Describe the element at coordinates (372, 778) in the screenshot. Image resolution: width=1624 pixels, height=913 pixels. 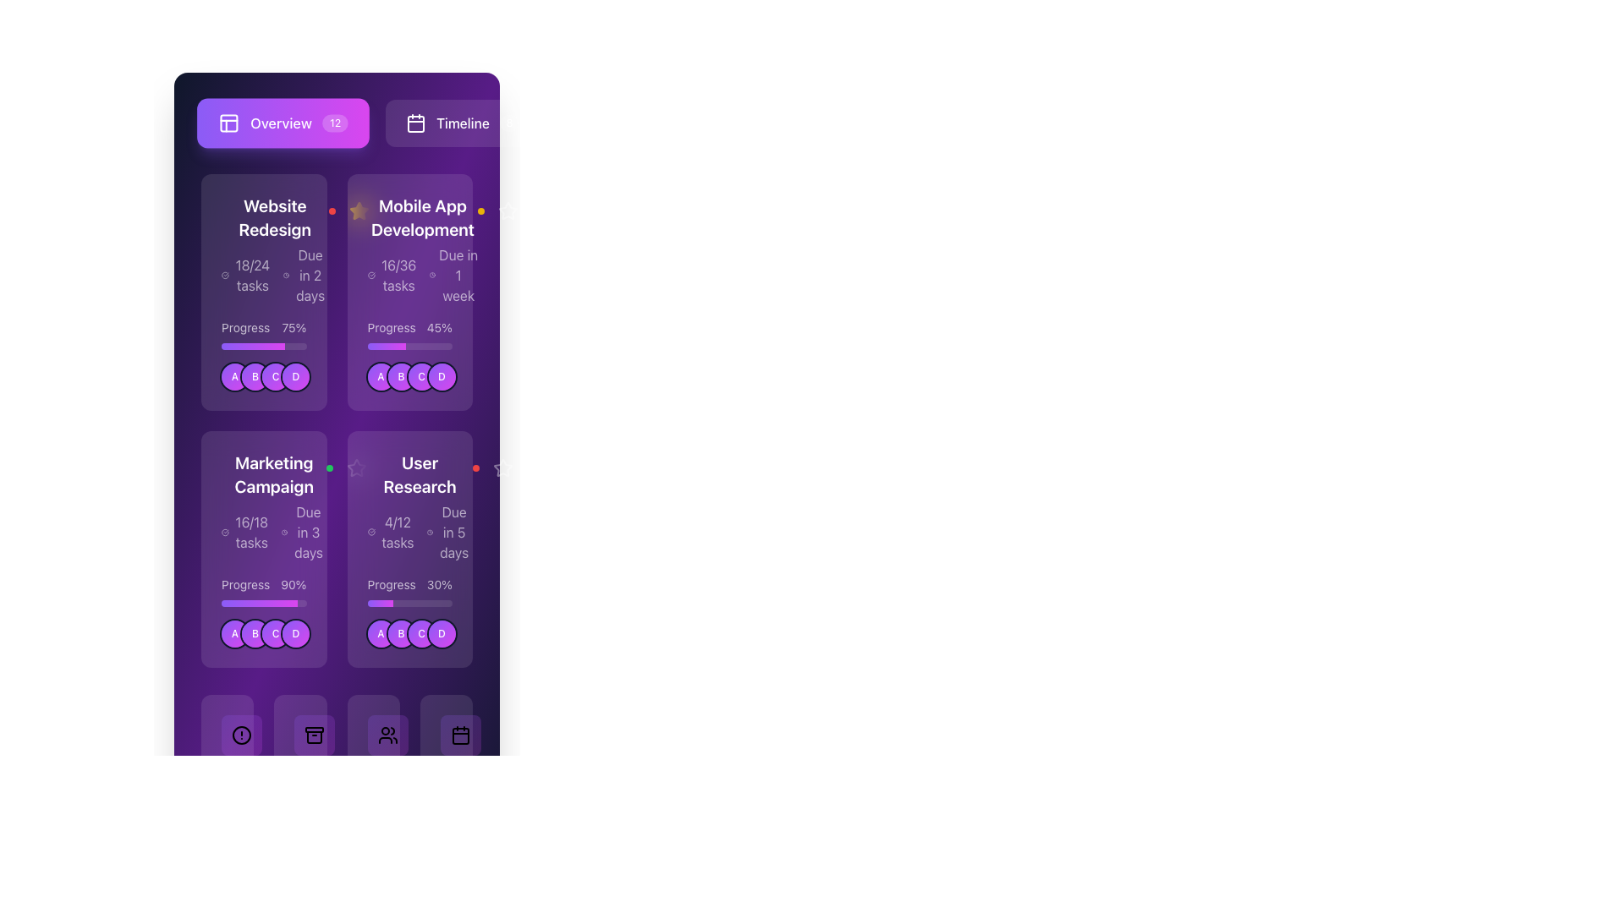
I see `the informational card displaying the number of team members in the project, located in the bottom-right quadrant of the interface` at that location.